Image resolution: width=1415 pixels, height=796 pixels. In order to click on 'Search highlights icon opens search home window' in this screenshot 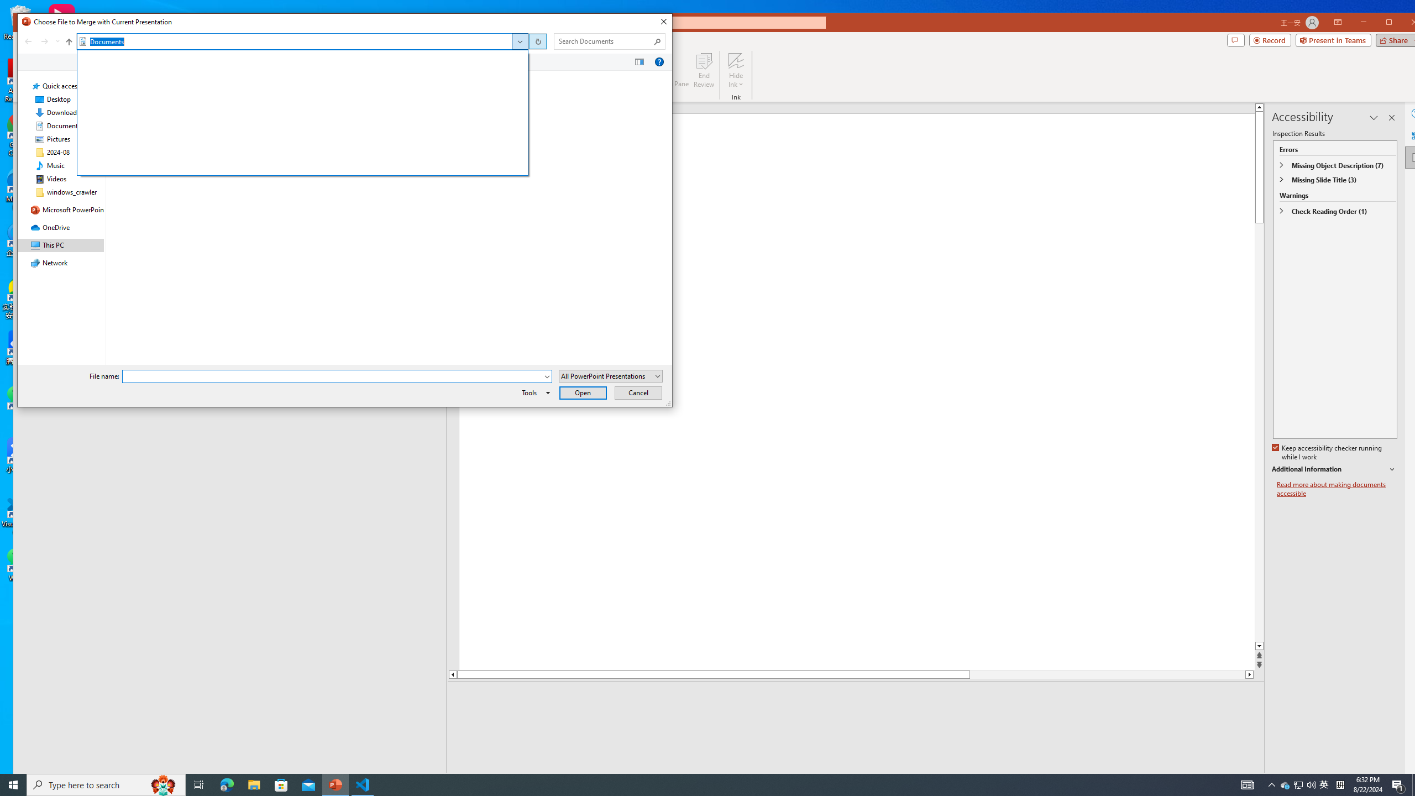, I will do `click(163, 784)`.